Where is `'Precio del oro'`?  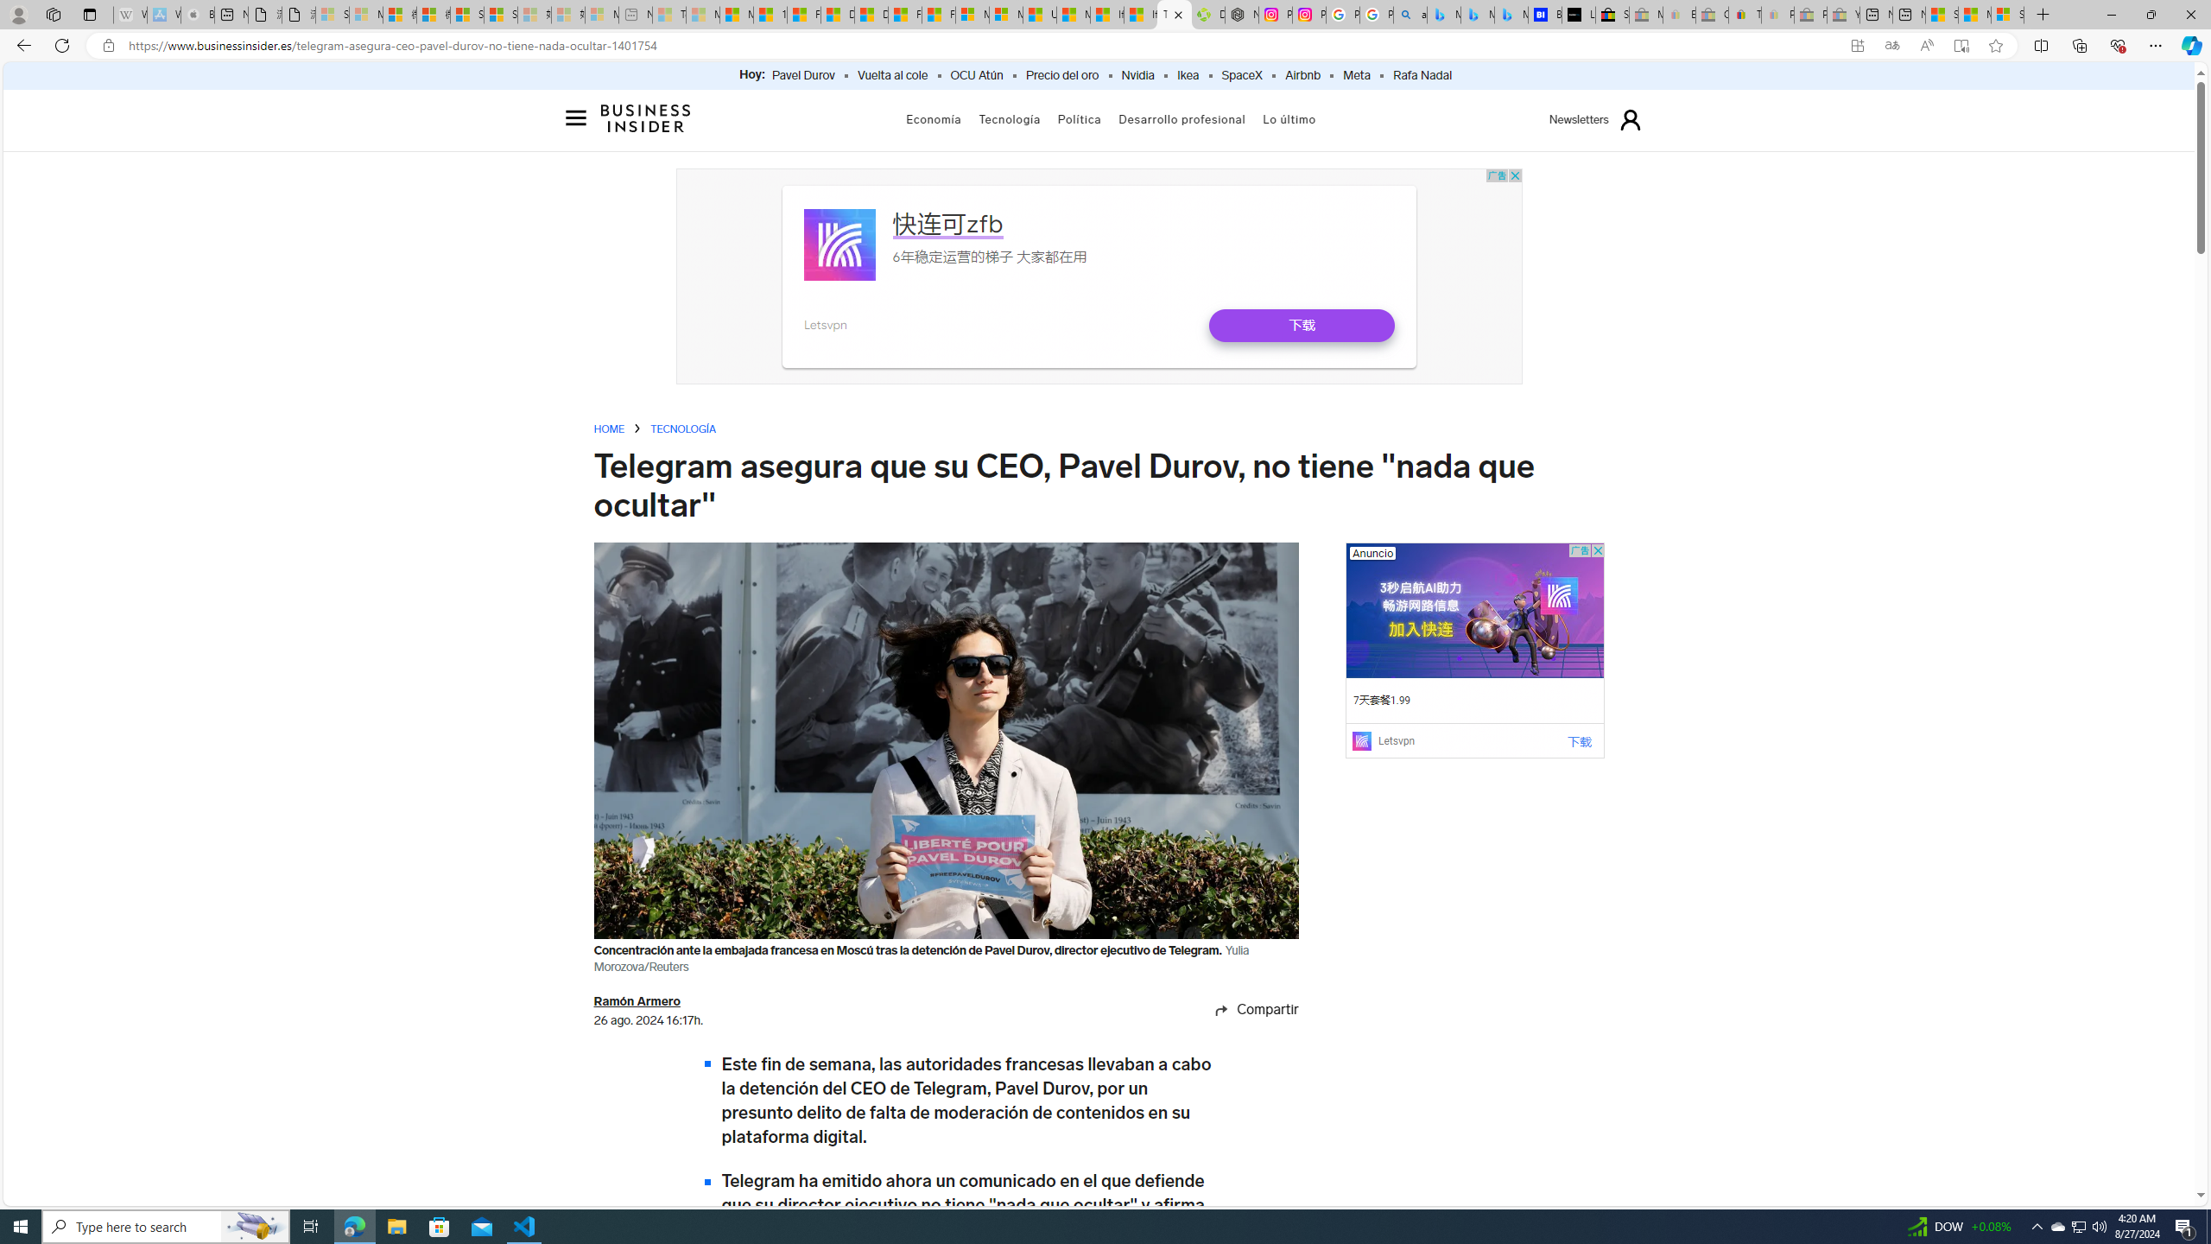
'Precio del oro' is located at coordinates (1062, 75).